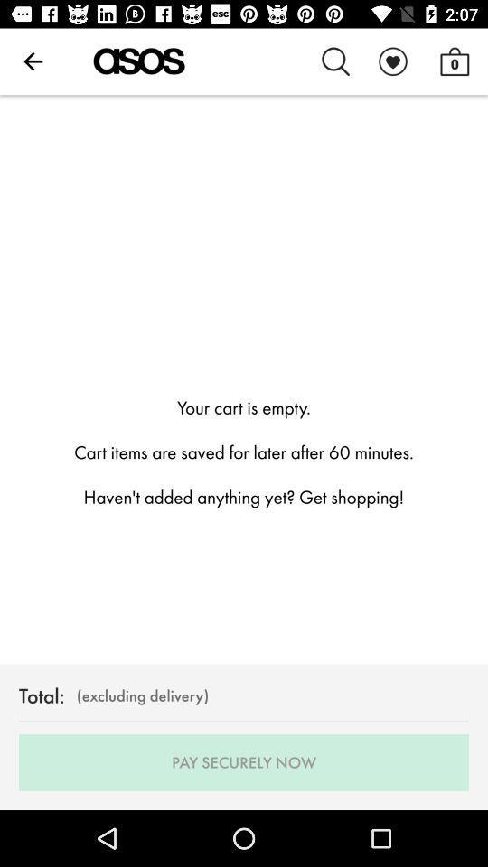  I want to click on the pay securely now item, so click(244, 761).